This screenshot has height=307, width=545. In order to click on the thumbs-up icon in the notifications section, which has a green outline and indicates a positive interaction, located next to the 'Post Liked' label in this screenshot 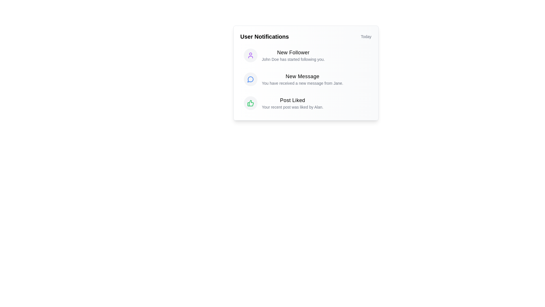, I will do `click(250, 103)`.